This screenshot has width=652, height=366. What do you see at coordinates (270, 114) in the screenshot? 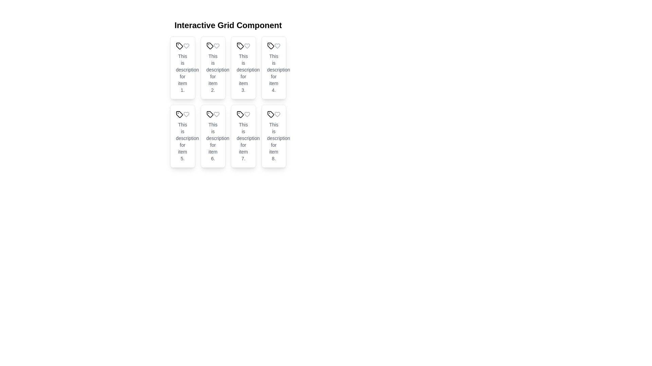
I see `the decorative or indicative icon located in the first position of the eighth grid tile, which is in the last column of the second row, above the descriptive text` at bounding box center [270, 114].